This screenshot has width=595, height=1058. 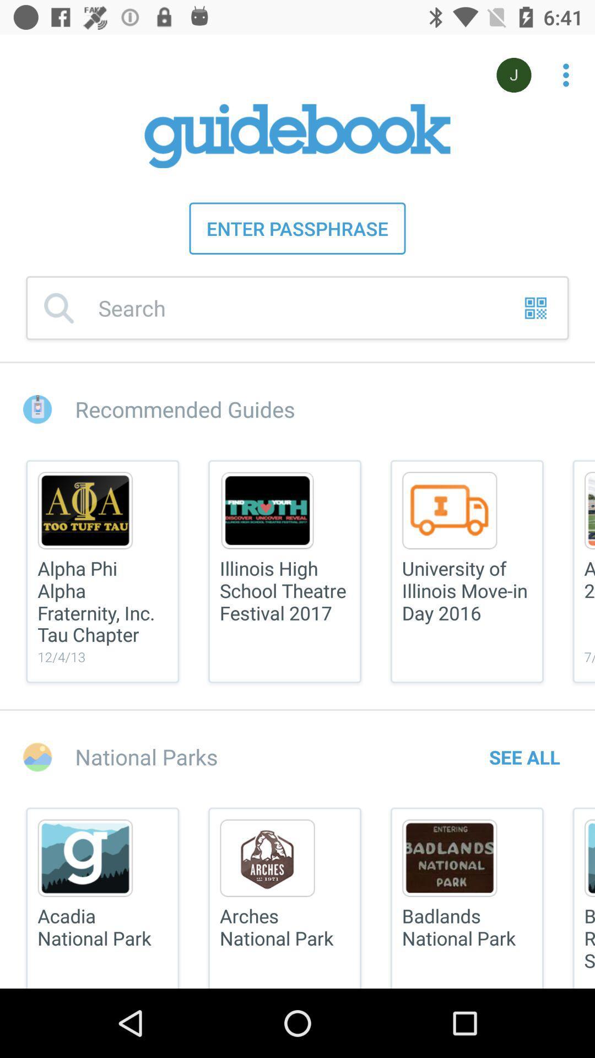 I want to click on the more icon, so click(x=566, y=74).